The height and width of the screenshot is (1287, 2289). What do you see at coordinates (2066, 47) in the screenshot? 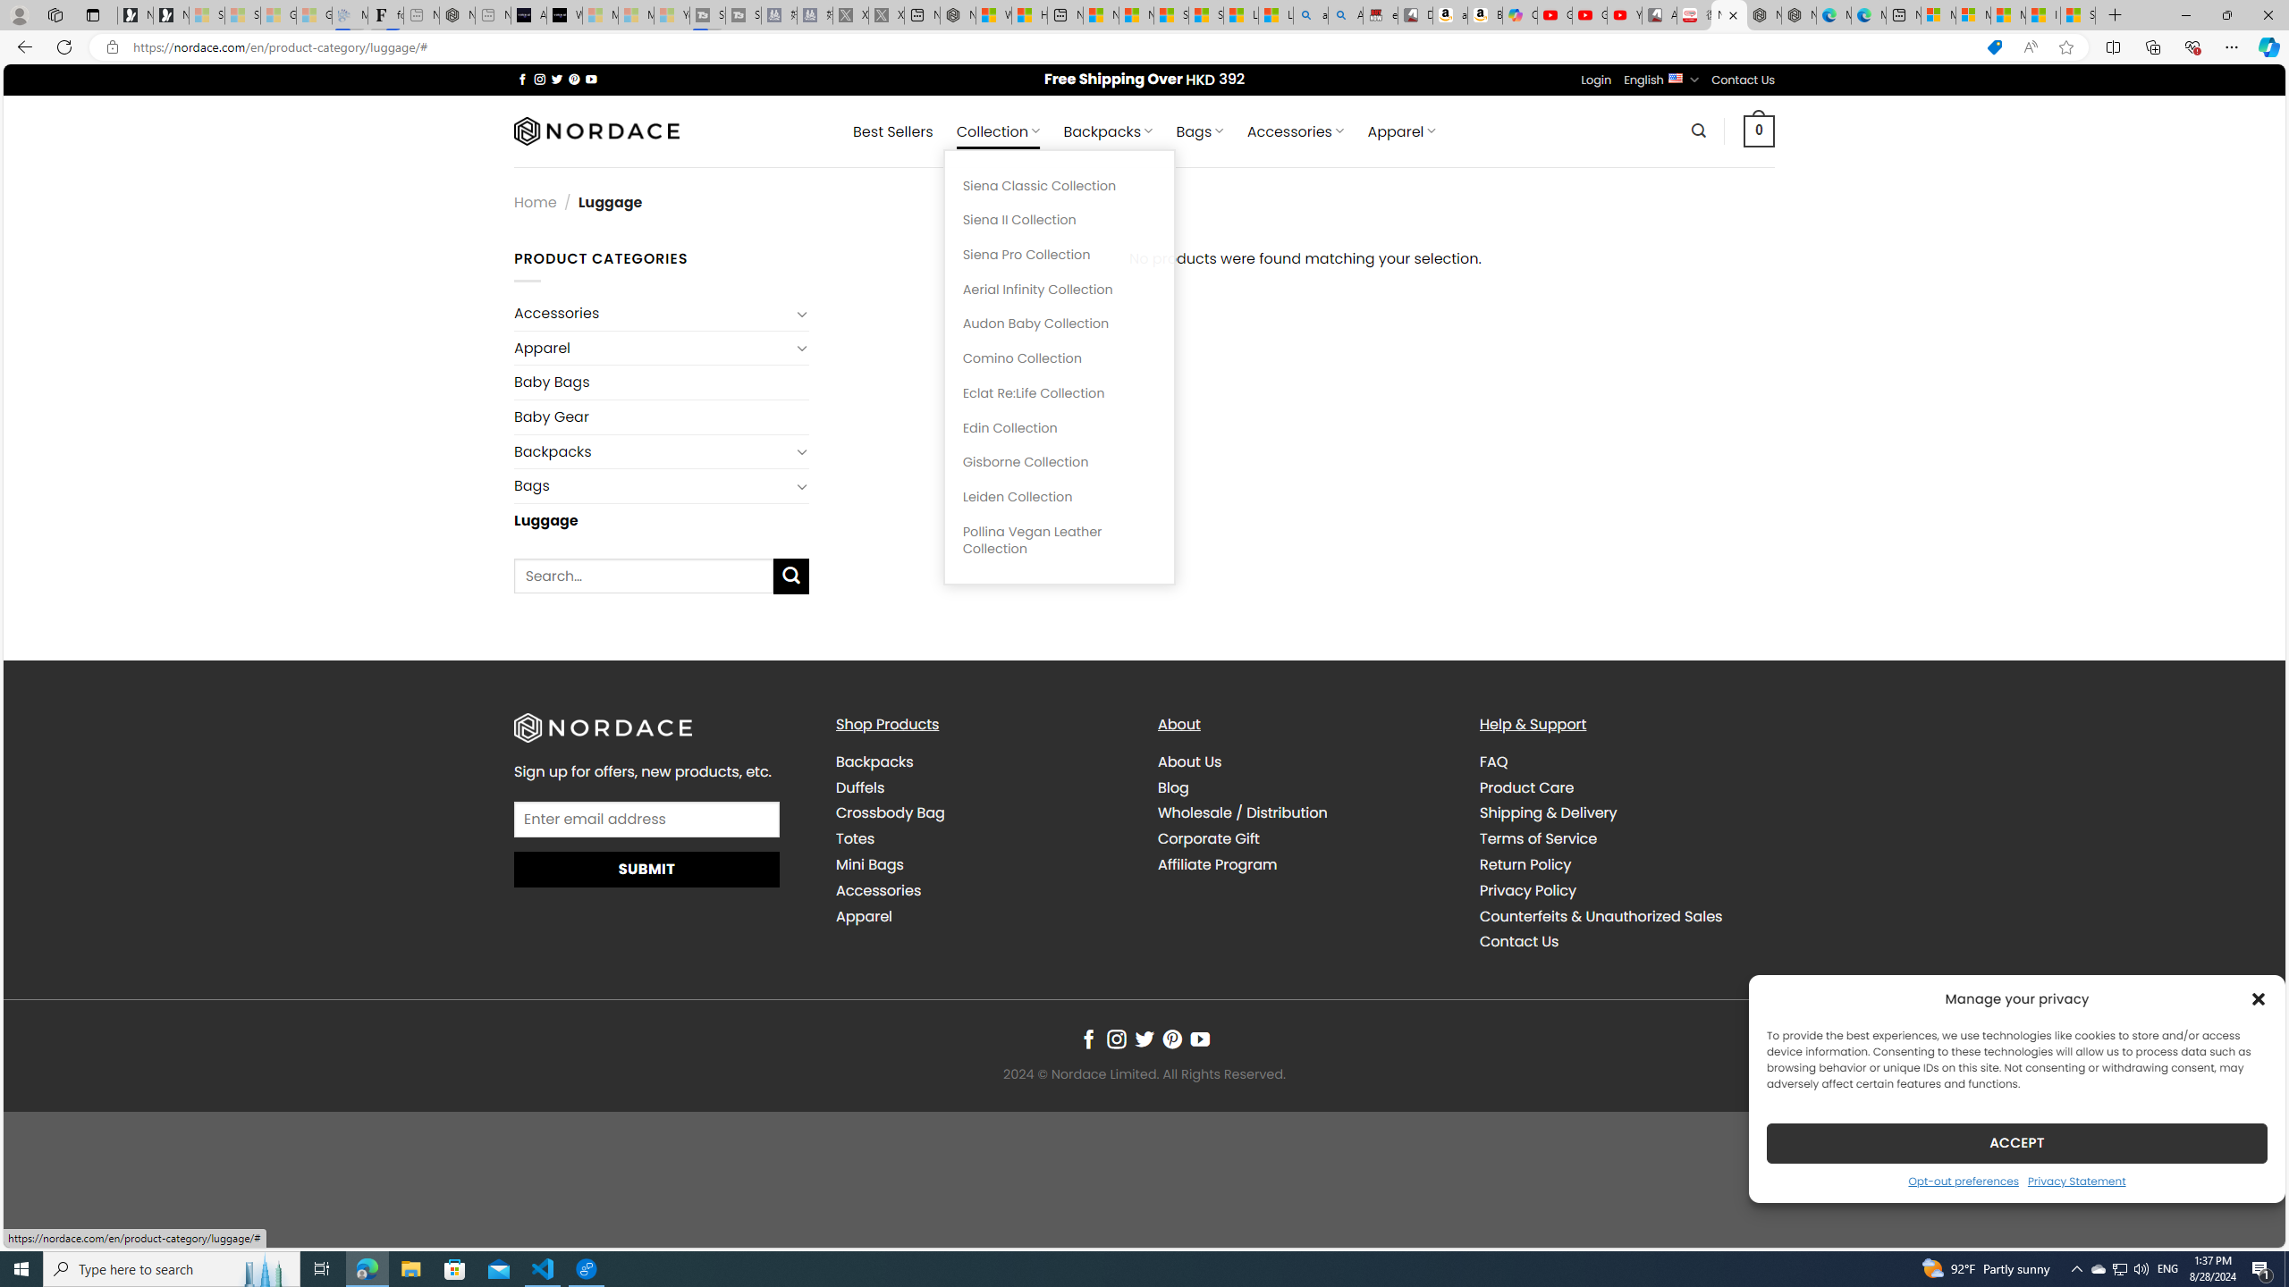
I see `'Add this page to favorites (Ctrl+D)'` at bounding box center [2066, 47].